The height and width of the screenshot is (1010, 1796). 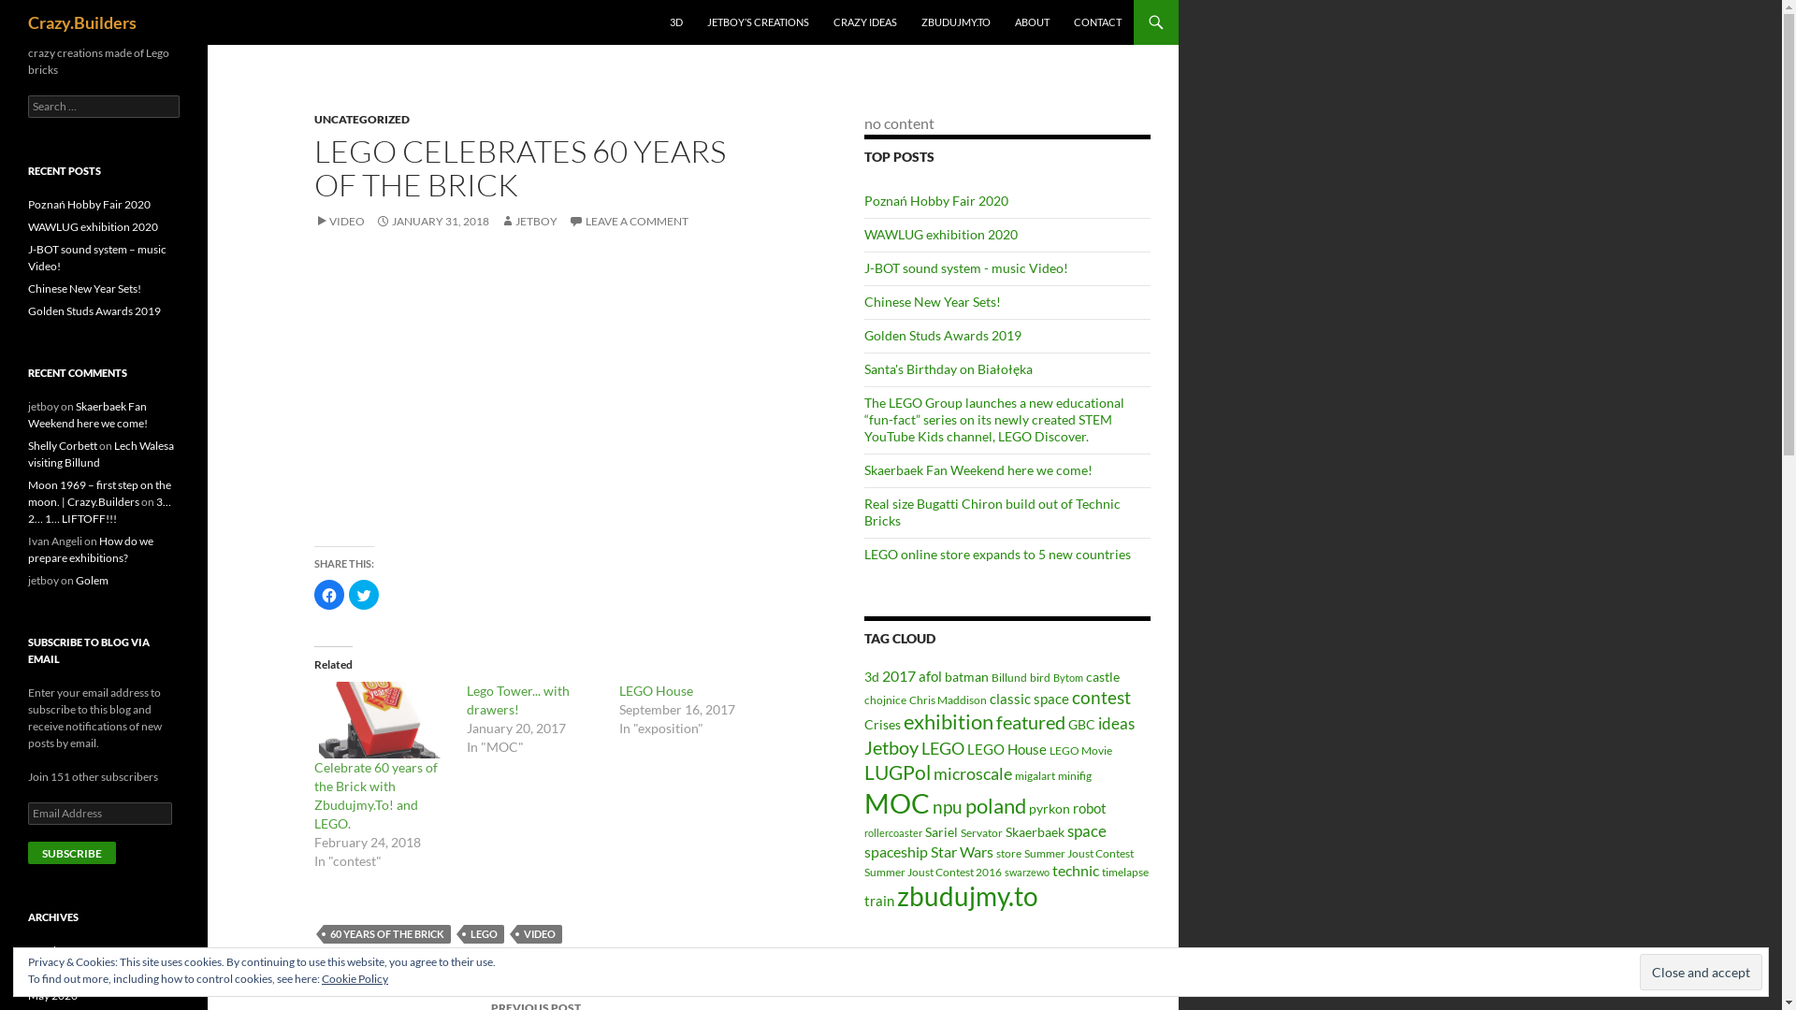 What do you see at coordinates (1701, 971) in the screenshot?
I see `'Close and accept'` at bounding box center [1701, 971].